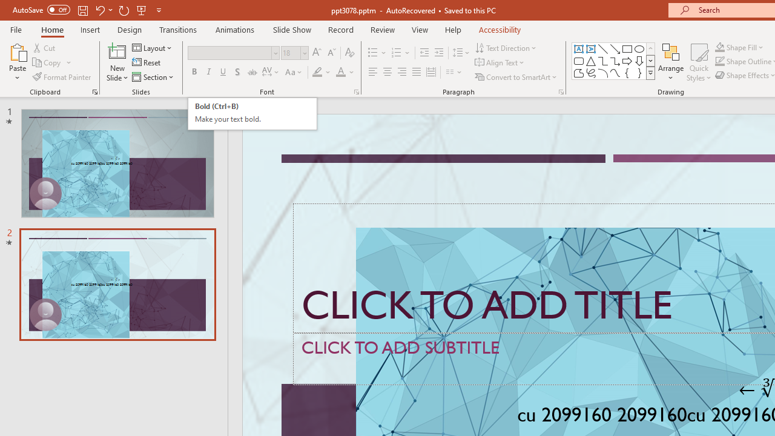 The image size is (775, 436). I want to click on 'Numbering', so click(396, 52).